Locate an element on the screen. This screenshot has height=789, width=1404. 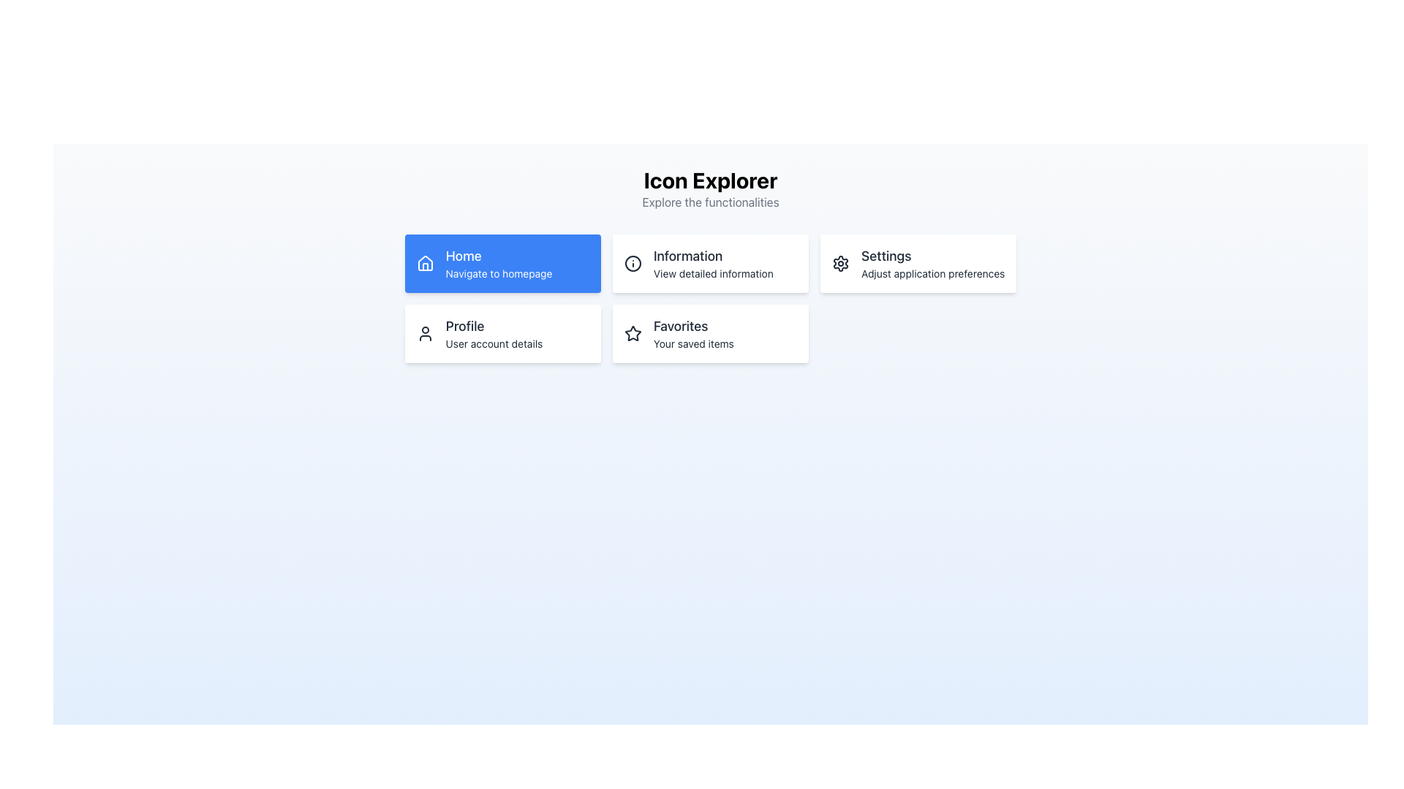
the home icon located to the left of the text 'Home' in the top-left blue button labeled 'Home Navigate to homepage' is located at coordinates (424, 264).